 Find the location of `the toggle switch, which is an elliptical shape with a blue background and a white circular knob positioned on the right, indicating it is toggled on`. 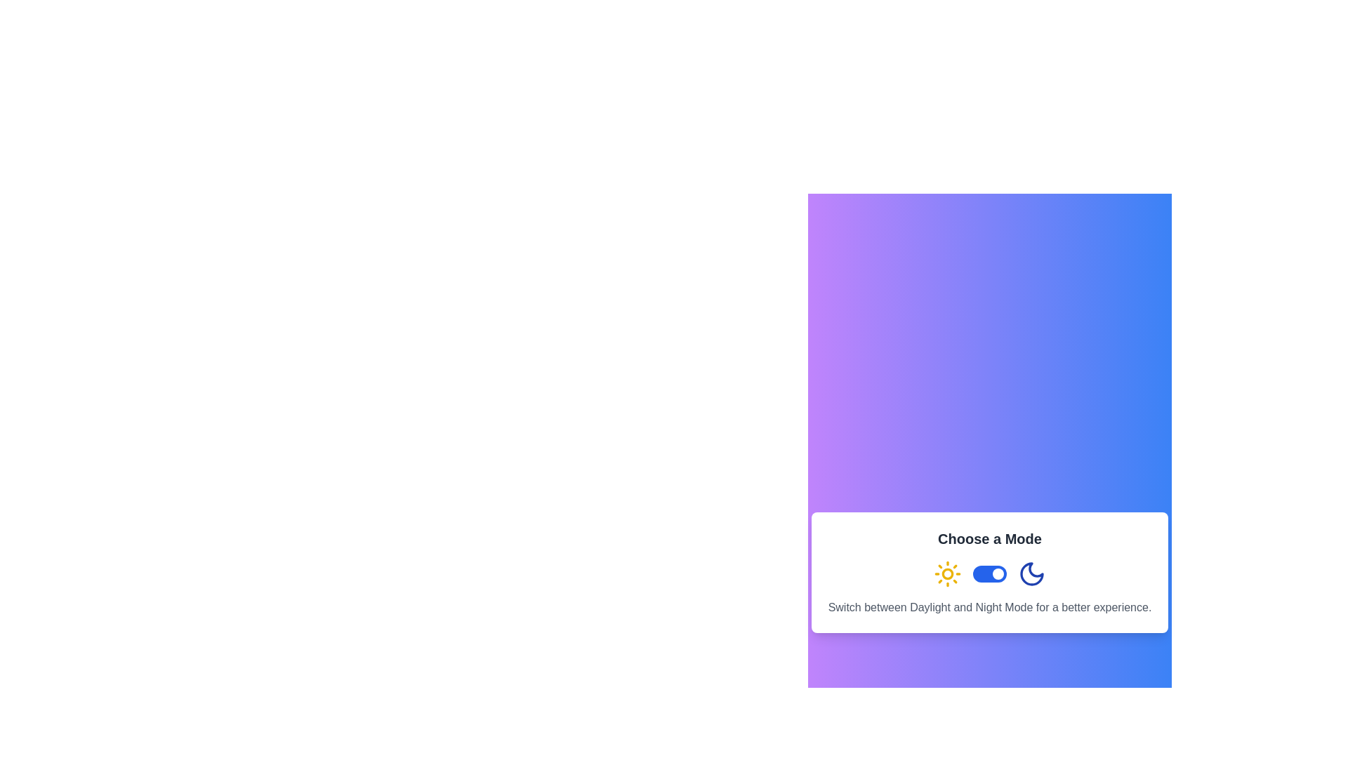

the toggle switch, which is an elliptical shape with a blue background and a white circular knob positioned on the right, indicating it is toggled on is located at coordinates (989, 573).